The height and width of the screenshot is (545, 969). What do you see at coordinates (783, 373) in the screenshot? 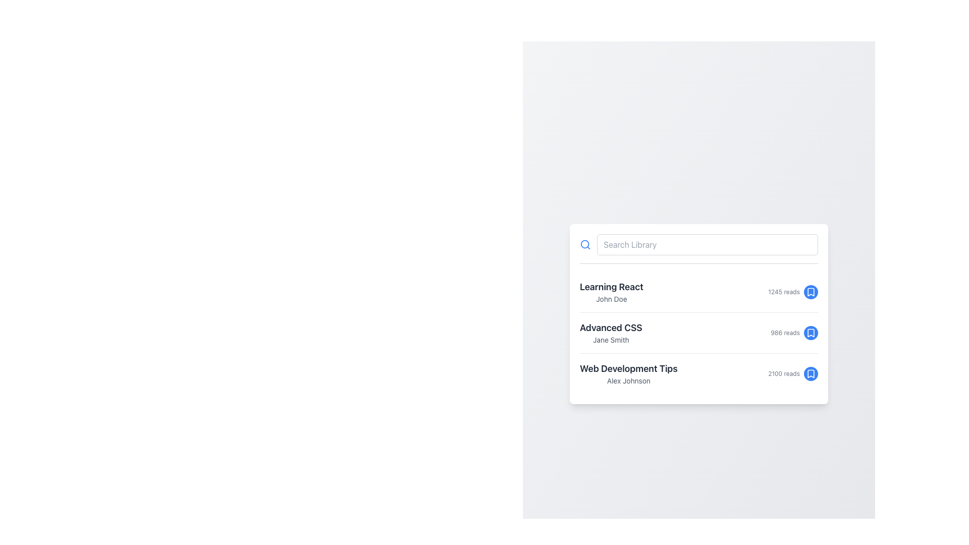
I see `value displayed as '2100 reads' in gray text at the far-right side of the third list item, adjacent to the bookmark icon` at bounding box center [783, 373].